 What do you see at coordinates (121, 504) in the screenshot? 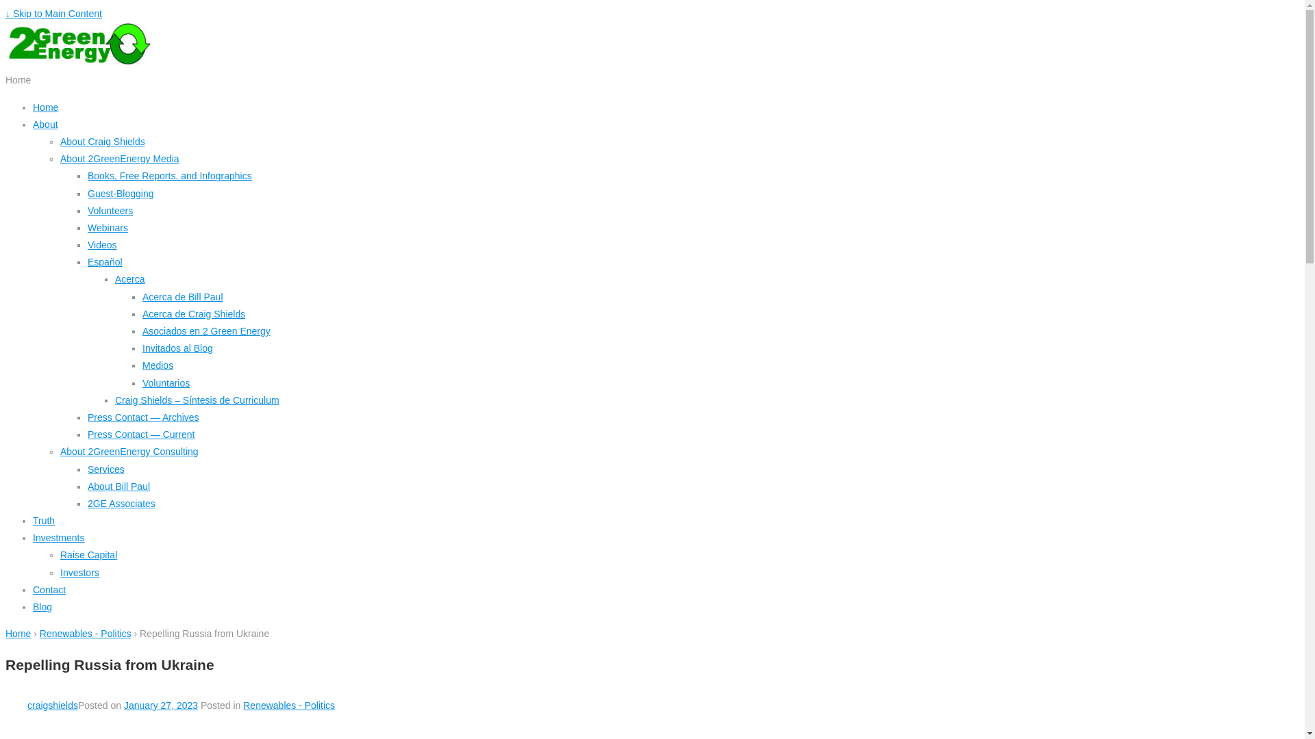
I see `'2GE Associates'` at bounding box center [121, 504].